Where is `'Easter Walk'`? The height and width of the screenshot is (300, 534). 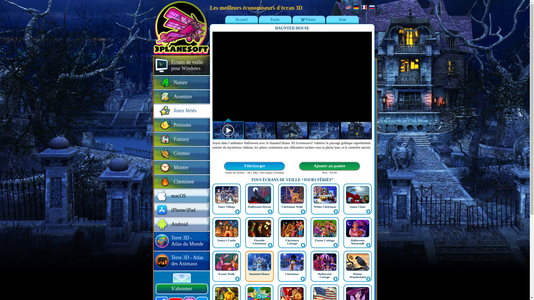
'Easter Walk' is located at coordinates (227, 266).